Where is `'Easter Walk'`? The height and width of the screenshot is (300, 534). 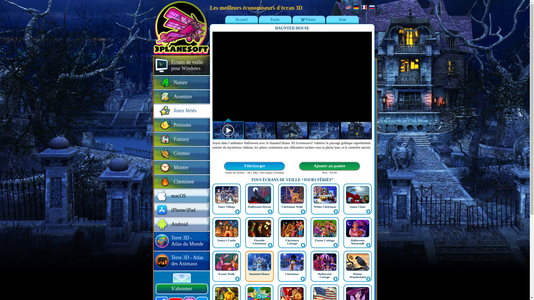
'Easter Walk' is located at coordinates (227, 266).